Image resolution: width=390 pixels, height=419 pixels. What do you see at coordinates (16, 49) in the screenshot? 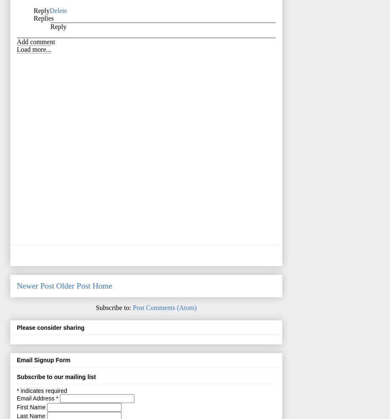
I see `'Load more...'` at bounding box center [16, 49].